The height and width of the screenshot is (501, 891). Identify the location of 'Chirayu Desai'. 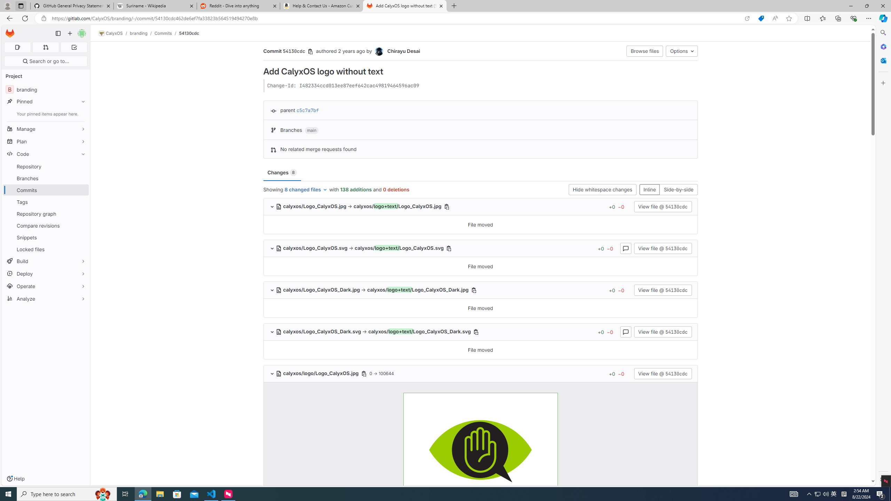
(379, 51).